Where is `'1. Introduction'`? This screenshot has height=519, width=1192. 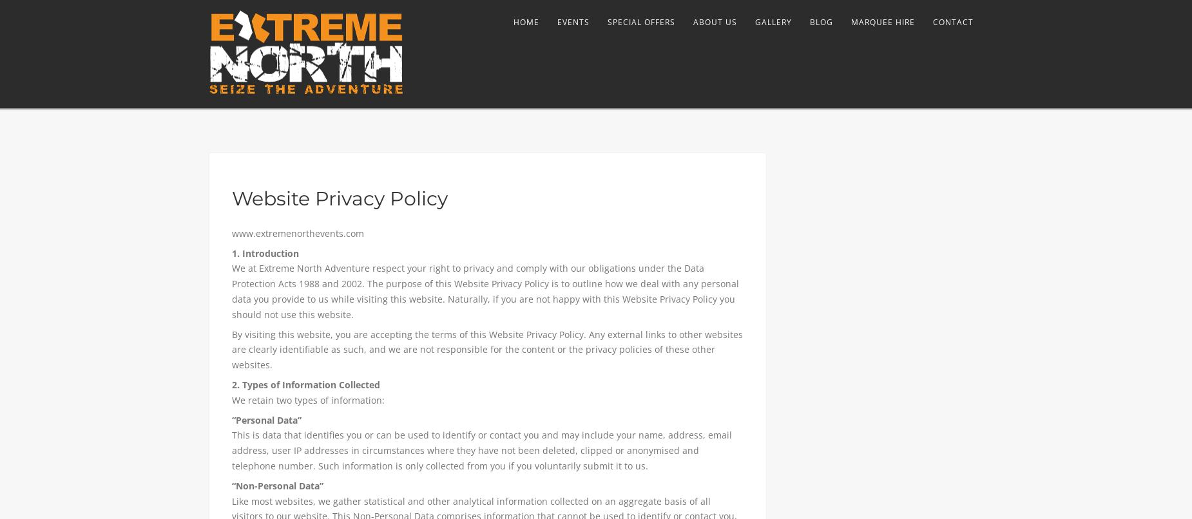 '1. Introduction' is located at coordinates (264, 252).